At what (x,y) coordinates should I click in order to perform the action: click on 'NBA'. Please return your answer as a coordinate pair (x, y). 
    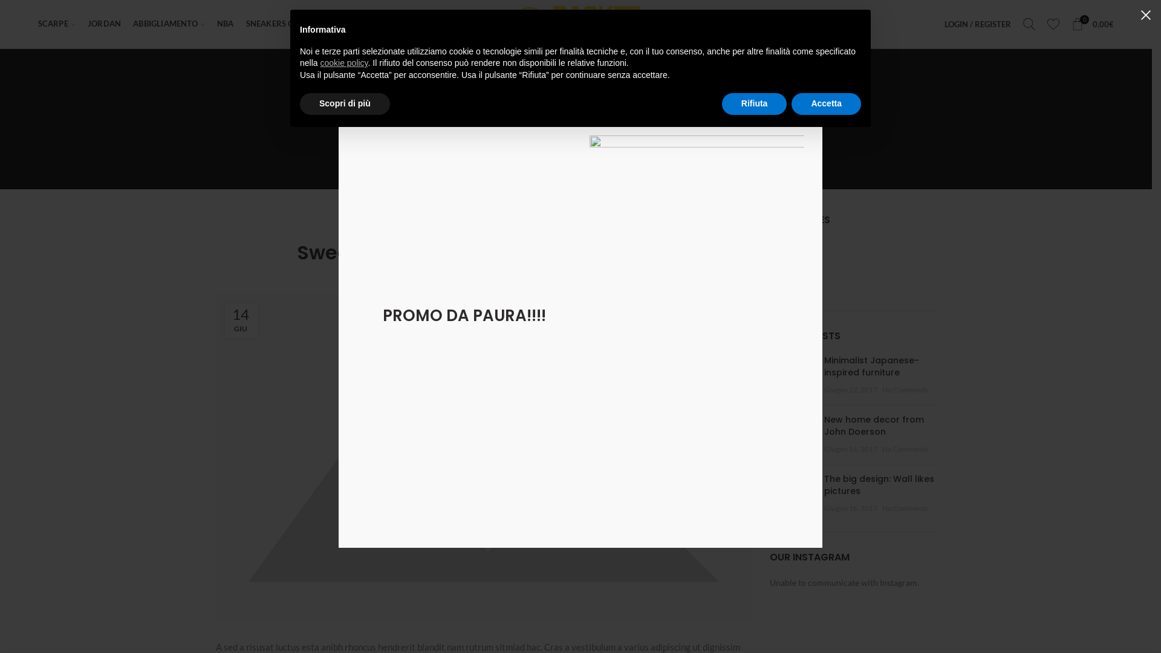
    Looking at the image, I should click on (226, 24).